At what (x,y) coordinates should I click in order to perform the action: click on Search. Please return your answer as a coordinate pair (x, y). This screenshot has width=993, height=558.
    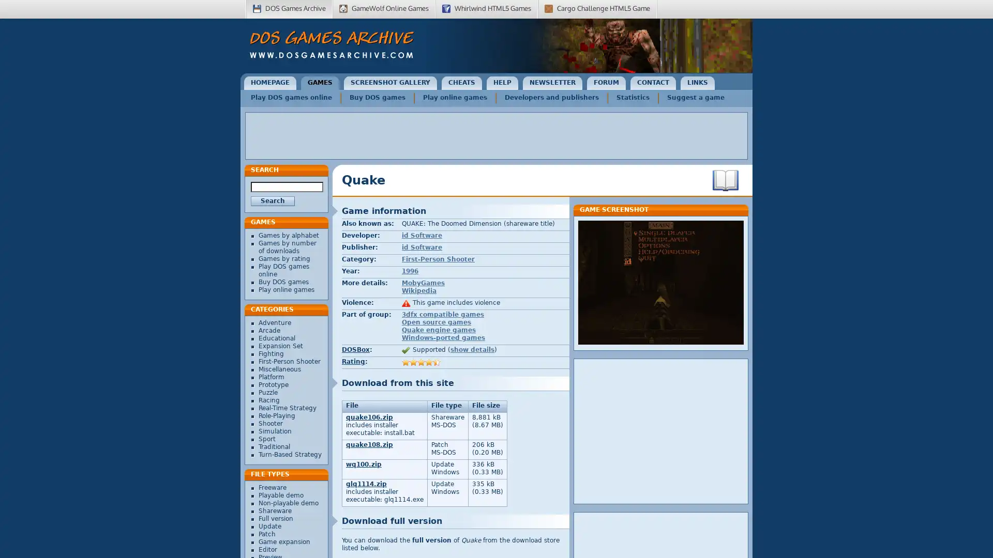
    Looking at the image, I should click on (273, 201).